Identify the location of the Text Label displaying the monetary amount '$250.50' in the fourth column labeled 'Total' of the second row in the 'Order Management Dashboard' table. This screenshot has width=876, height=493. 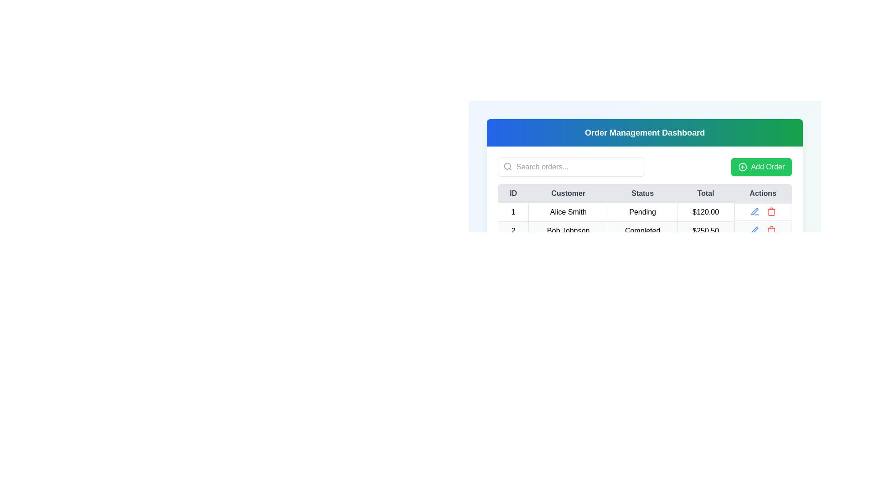
(705, 230).